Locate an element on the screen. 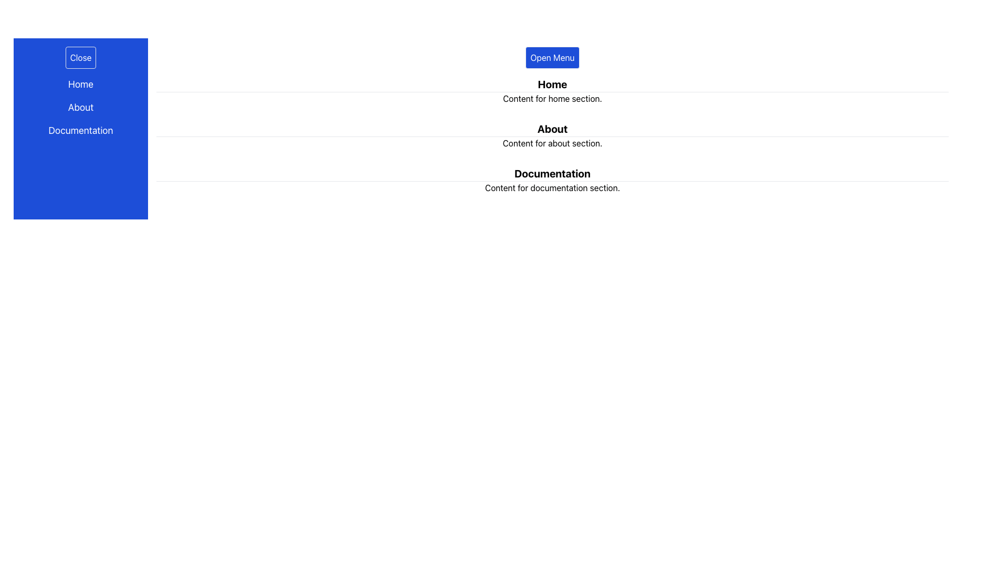 The height and width of the screenshot is (567, 1008). descriptive text located below the 'About' title on the right side of the interface, which provides context for the section is located at coordinates (552, 143).